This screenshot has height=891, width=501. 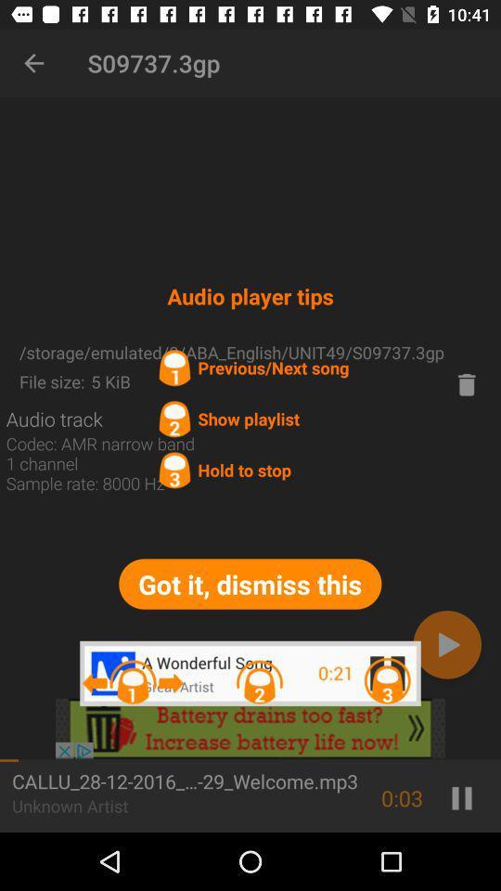 I want to click on delet song button, so click(x=466, y=383).